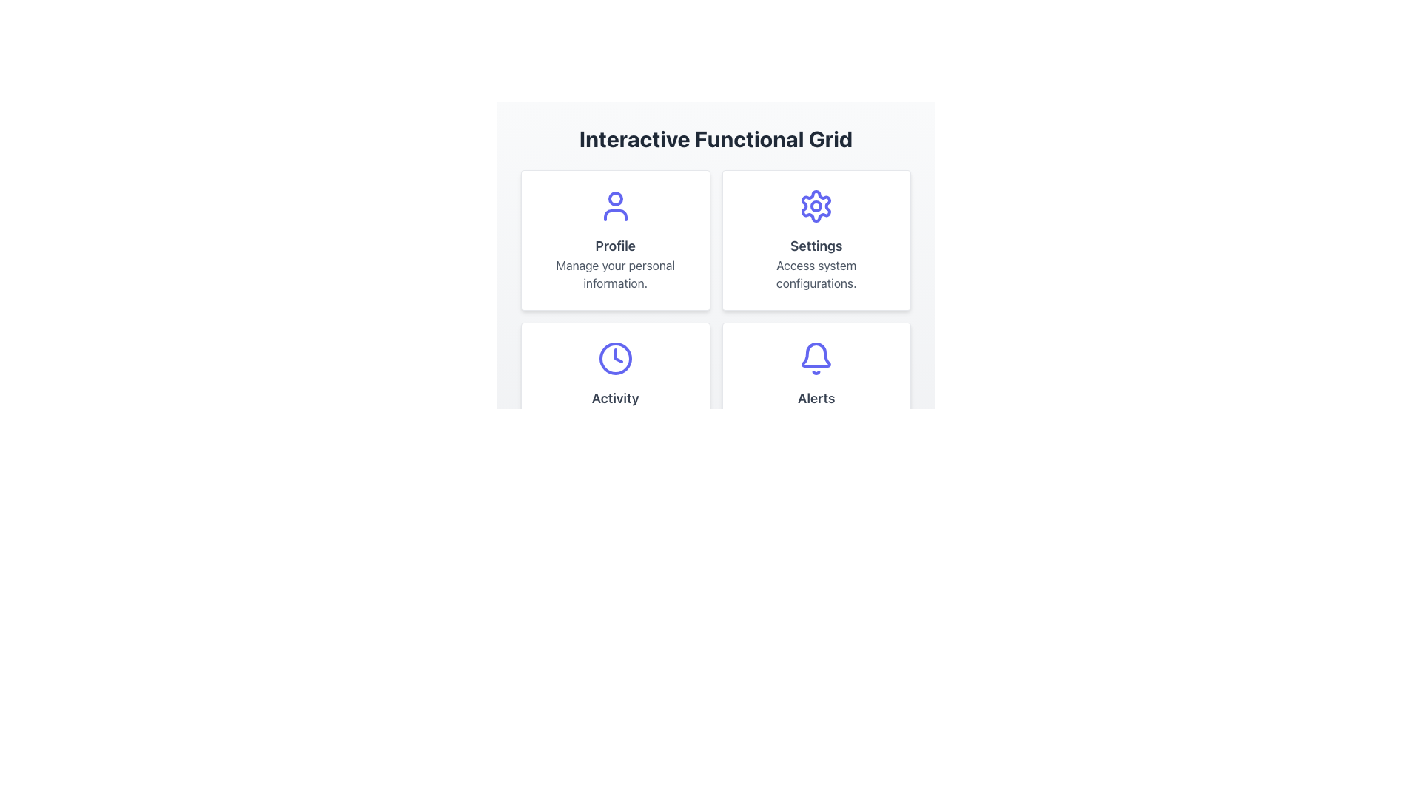  I want to click on the gear-shaped icon representing the settings option, which has a blue outline and white background, located in the upper right section of the grid layout, so click(816, 206).